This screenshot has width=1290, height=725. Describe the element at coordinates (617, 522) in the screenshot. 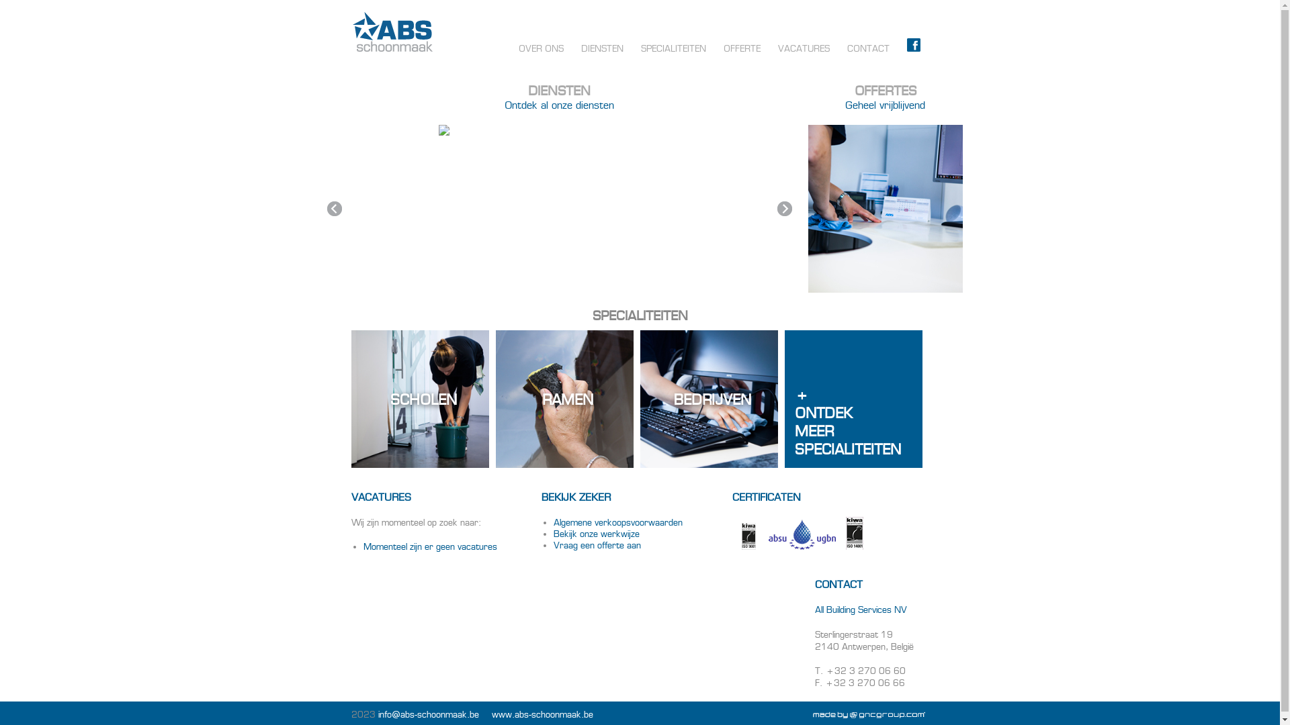

I see `'Algemene verkoopsvoorwaarden'` at that location.